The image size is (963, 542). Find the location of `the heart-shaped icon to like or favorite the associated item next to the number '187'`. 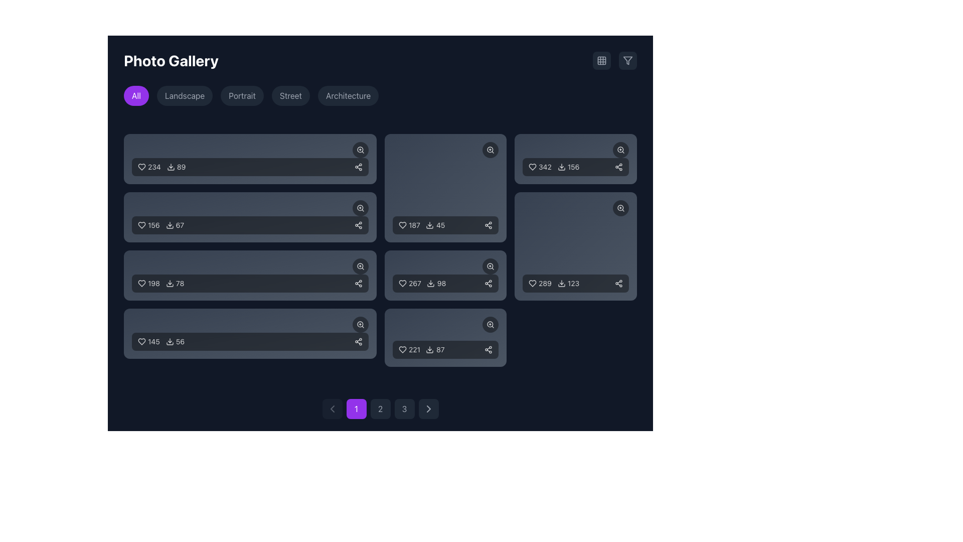

the heart-shaped icon to like or favorite the associated item next to the number '187' is located at coordinates (402, 224).